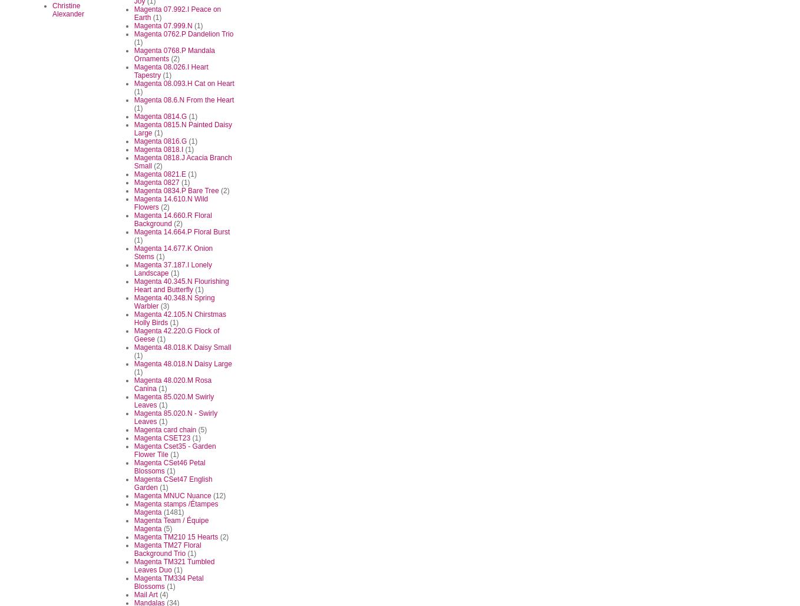 The image size is (800, 606). I want to click on 'Magenta 0815.N Painted Daisy Large', so click(133, 128).